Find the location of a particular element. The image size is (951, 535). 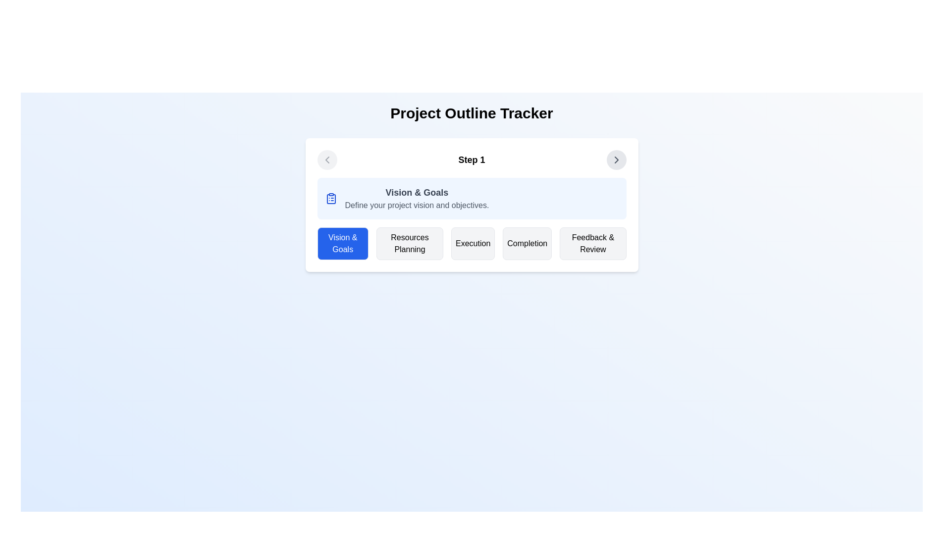

the 'Completion' button, which is a rectangular button with rounded corners, light gray background, and the text 'Completion' in bold, black font, located to the right of the 'Execution' button is located at coordinates (527, 244).